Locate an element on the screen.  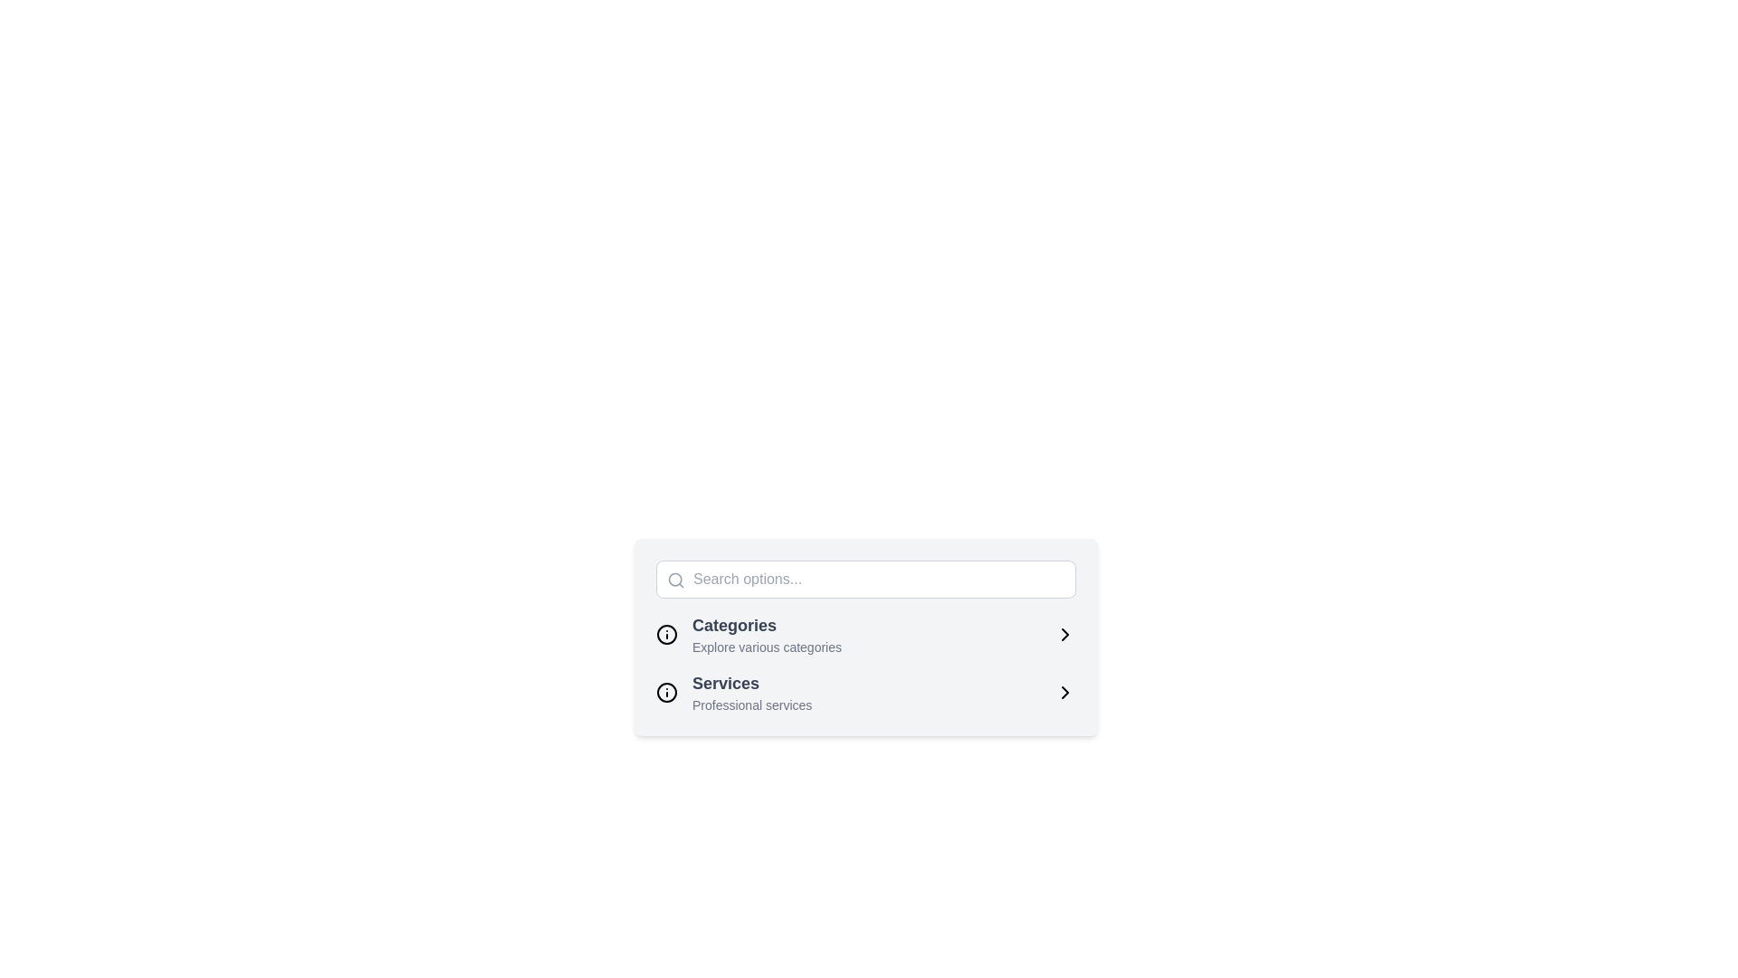
the first navigational list item located directly below the search bar is located at coordinates (864, 634).